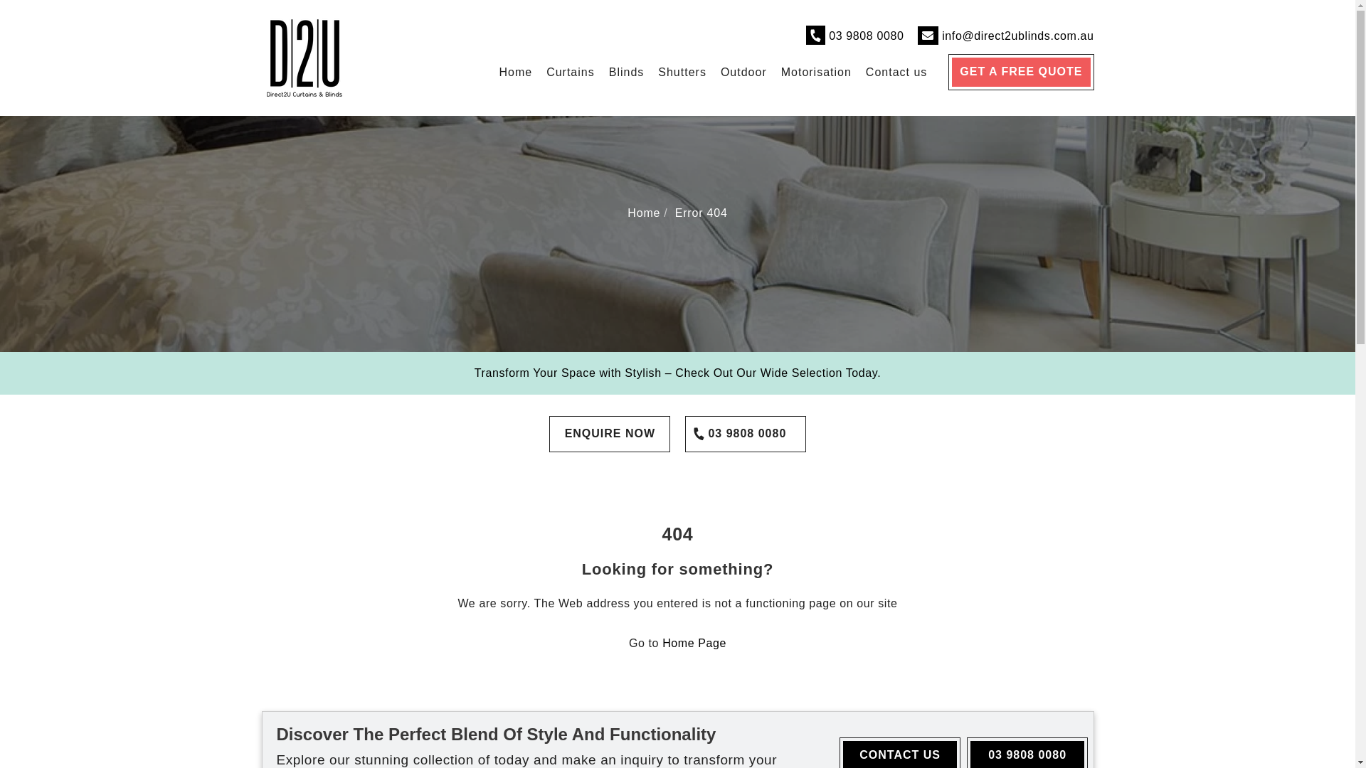  Describe the element at coordinates (744, 433) in the screenshot. I see `'03 9808 0080'` at that location.